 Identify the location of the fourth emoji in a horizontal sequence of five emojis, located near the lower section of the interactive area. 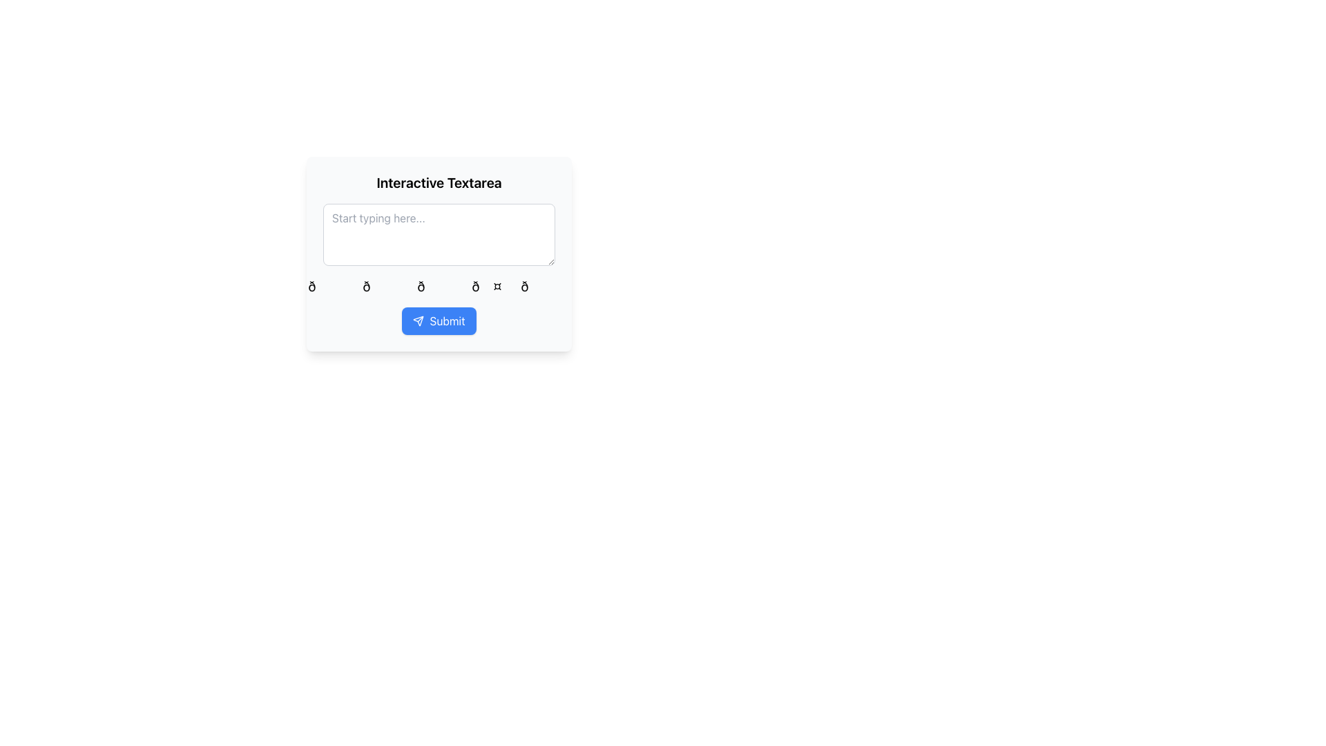
(494, 286).